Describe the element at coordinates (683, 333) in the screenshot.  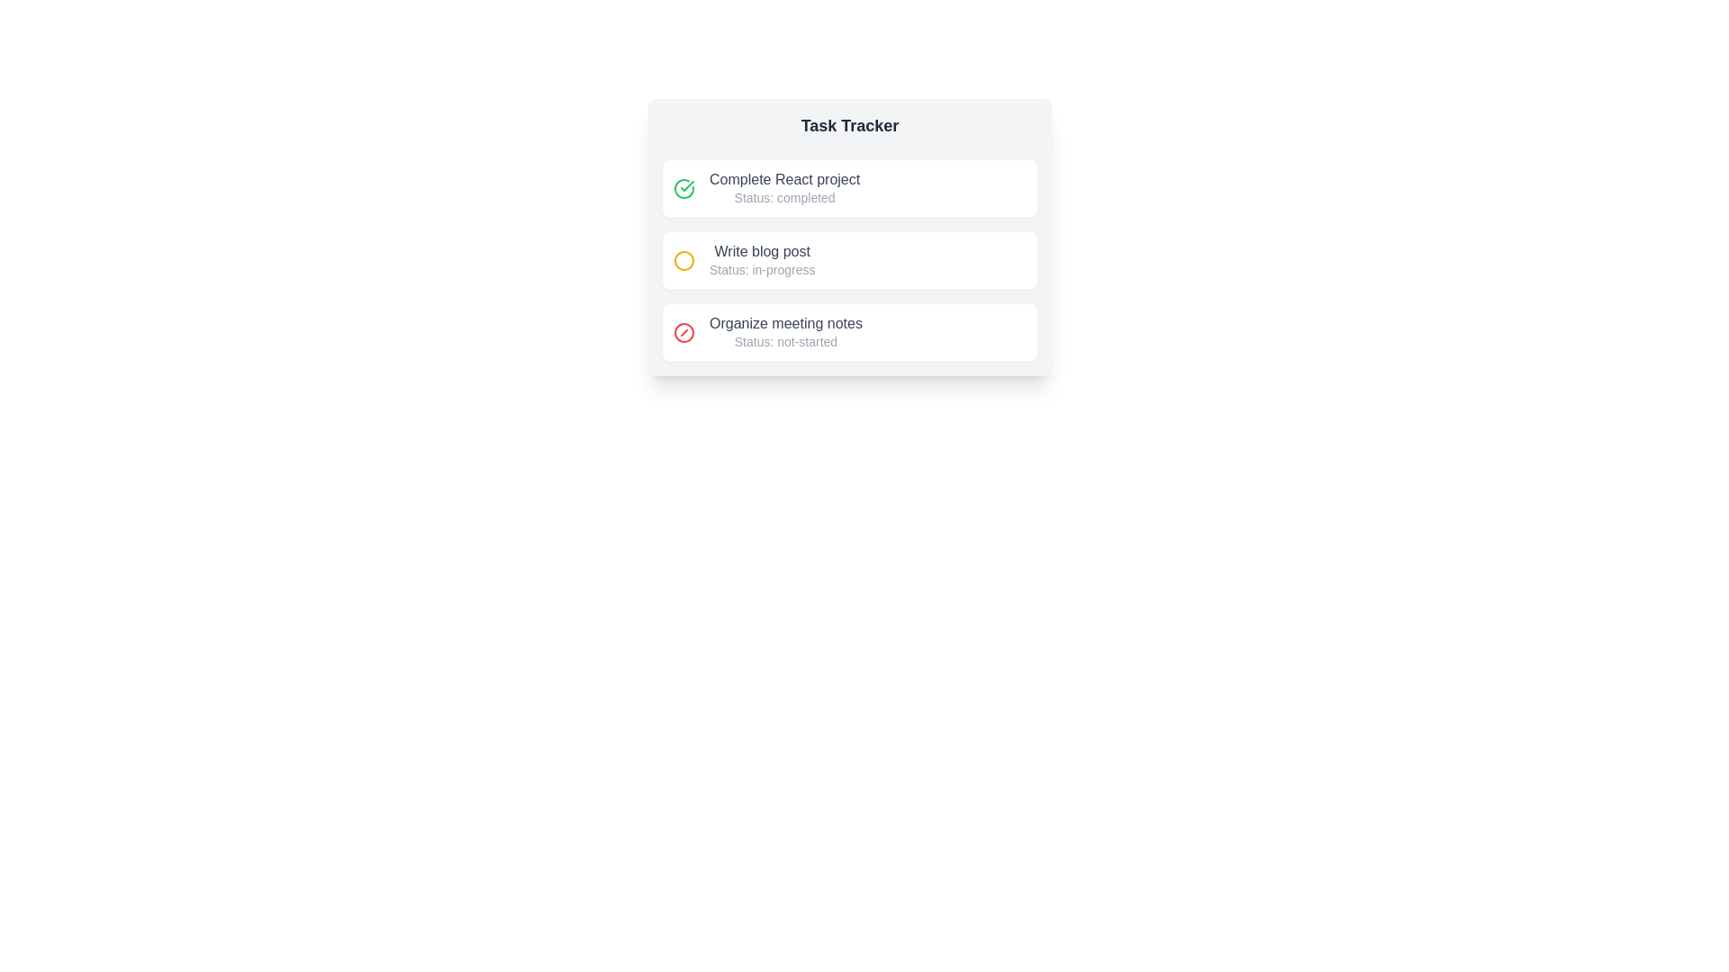
I see `the status indicator icon for the task 'Organize meeting notes', which shows the status 'not-started' located in the bottom card of the task list` at that location.